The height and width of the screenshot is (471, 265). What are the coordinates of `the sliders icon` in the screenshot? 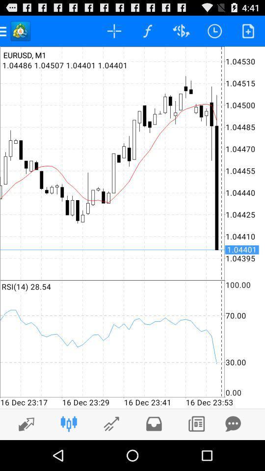 It's located at (68, 453).